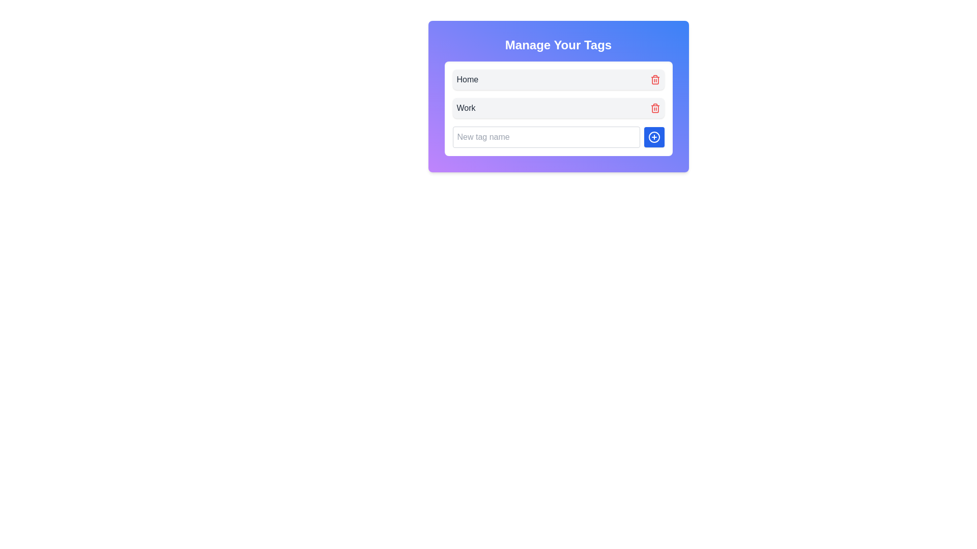  What do you see at coordinates (466, 108) in the screenshot?
I see `the text label indicating the name of a tag, located in the second row under 'Manage Your Tags', to the left of the red delete button` at bounding box center [466, 108].